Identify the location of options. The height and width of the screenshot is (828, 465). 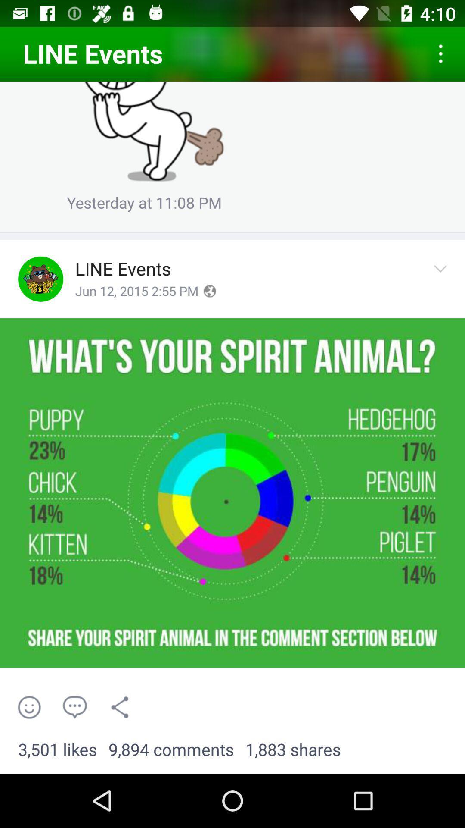
(443, 279).